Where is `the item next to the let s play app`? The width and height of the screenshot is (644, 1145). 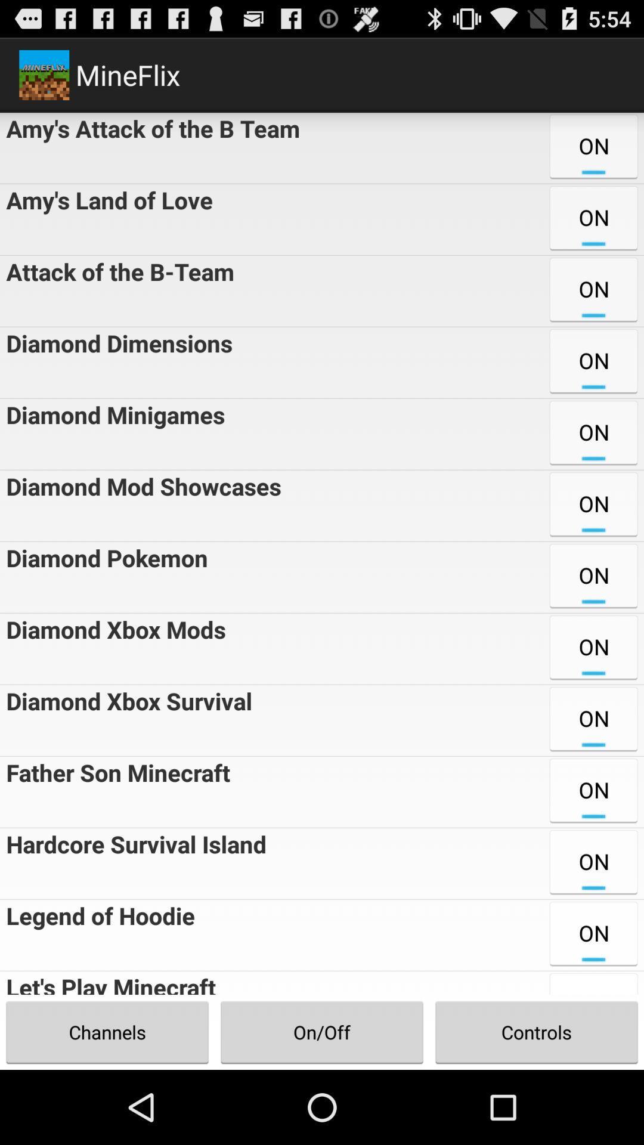
the item next to the let s play app is located at coordinates (322, 1032).